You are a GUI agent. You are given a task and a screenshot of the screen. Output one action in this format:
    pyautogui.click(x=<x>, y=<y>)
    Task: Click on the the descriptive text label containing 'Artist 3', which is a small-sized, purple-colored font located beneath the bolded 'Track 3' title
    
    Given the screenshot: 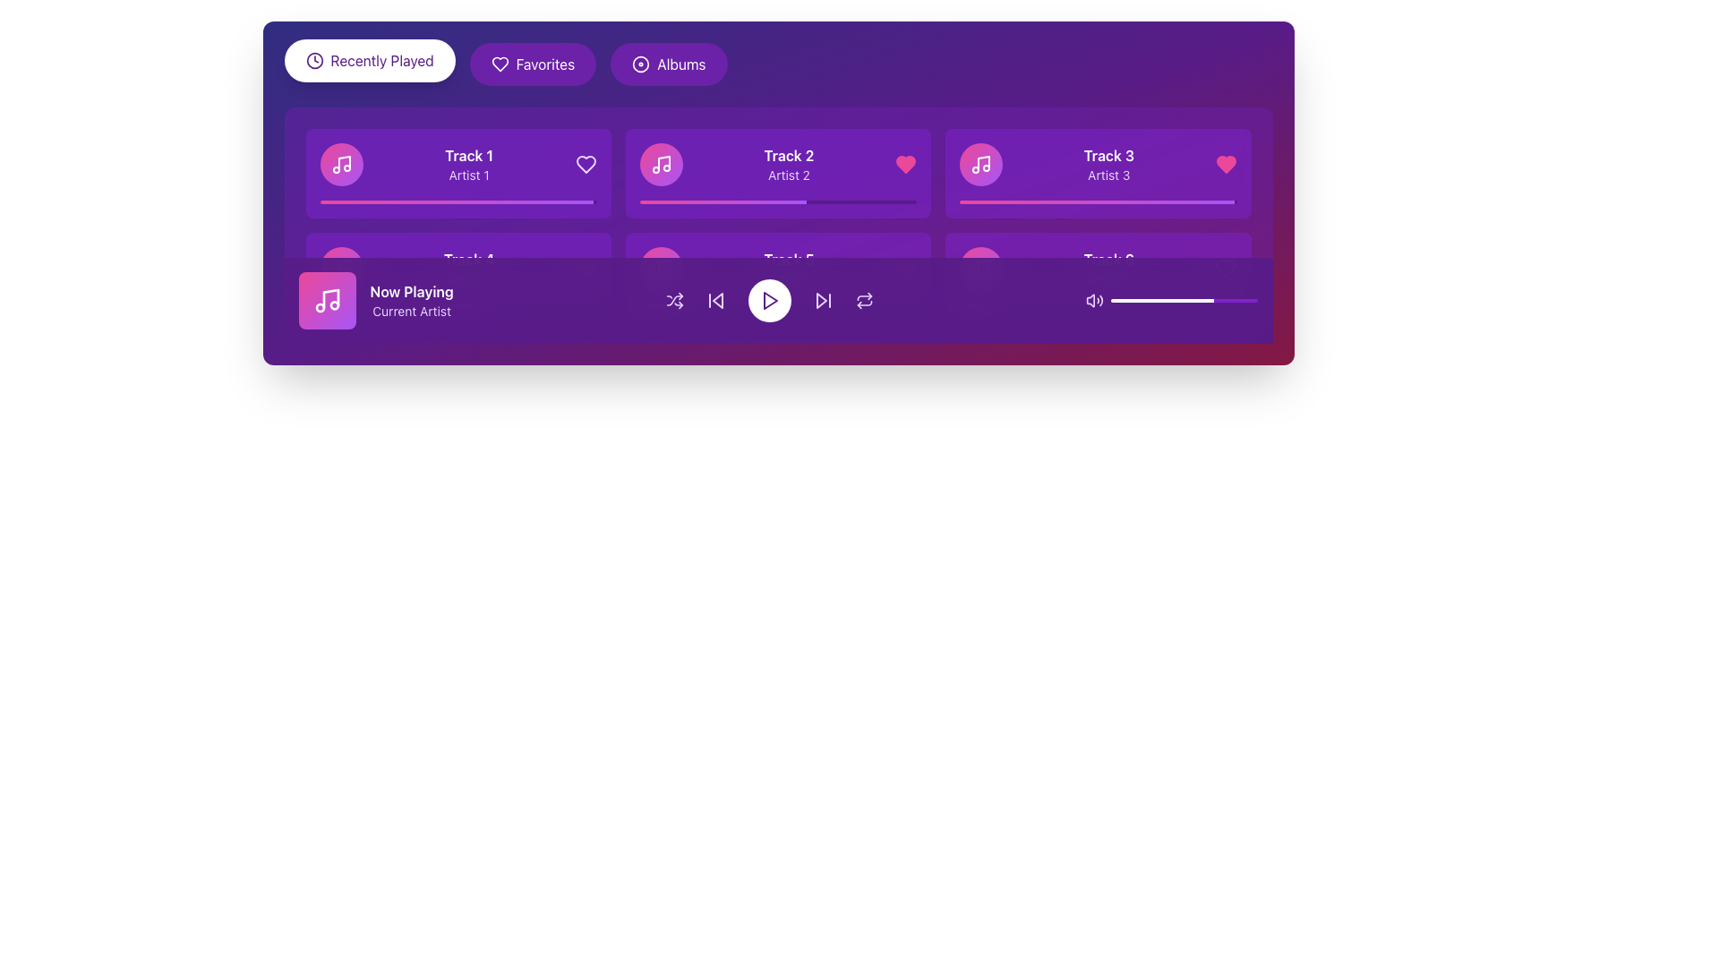 What is the action you would take?
    pyautogui.click(x=1108, y=175)
    